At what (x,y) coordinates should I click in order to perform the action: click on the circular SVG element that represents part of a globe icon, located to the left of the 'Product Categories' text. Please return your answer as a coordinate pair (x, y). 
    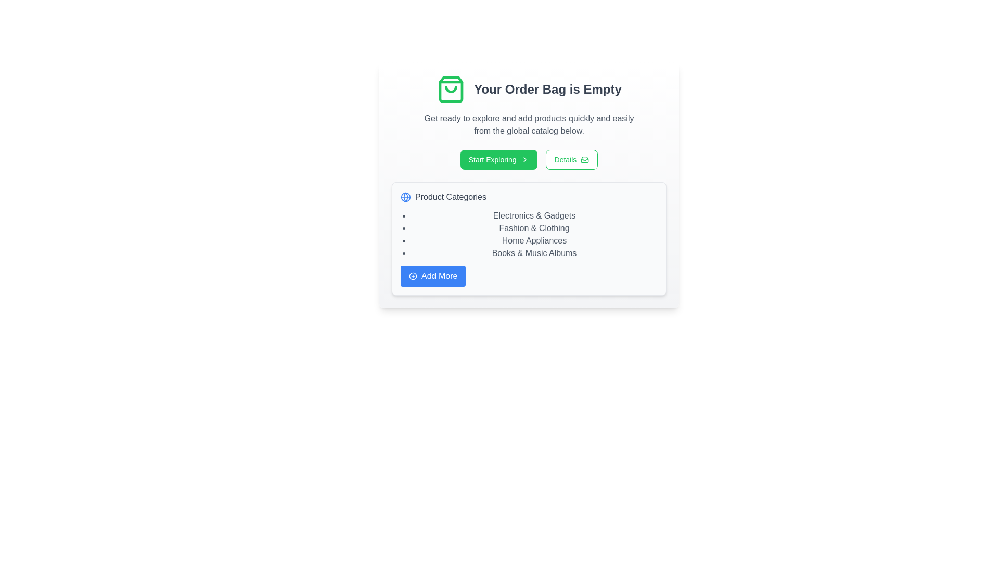
    Looking at the image, I should click on (405, 197).